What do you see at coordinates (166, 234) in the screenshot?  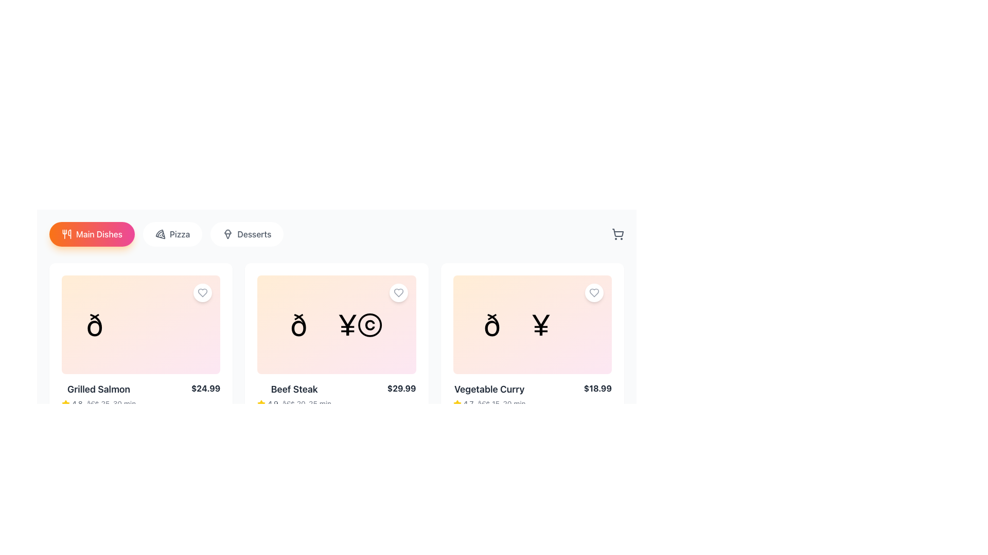 I see `the navigation button for the 'Pizza' category, which is located between 'Main Dishes' and 'Desserts' in the menu section near the top of the page` at bounding box center [166, 234].